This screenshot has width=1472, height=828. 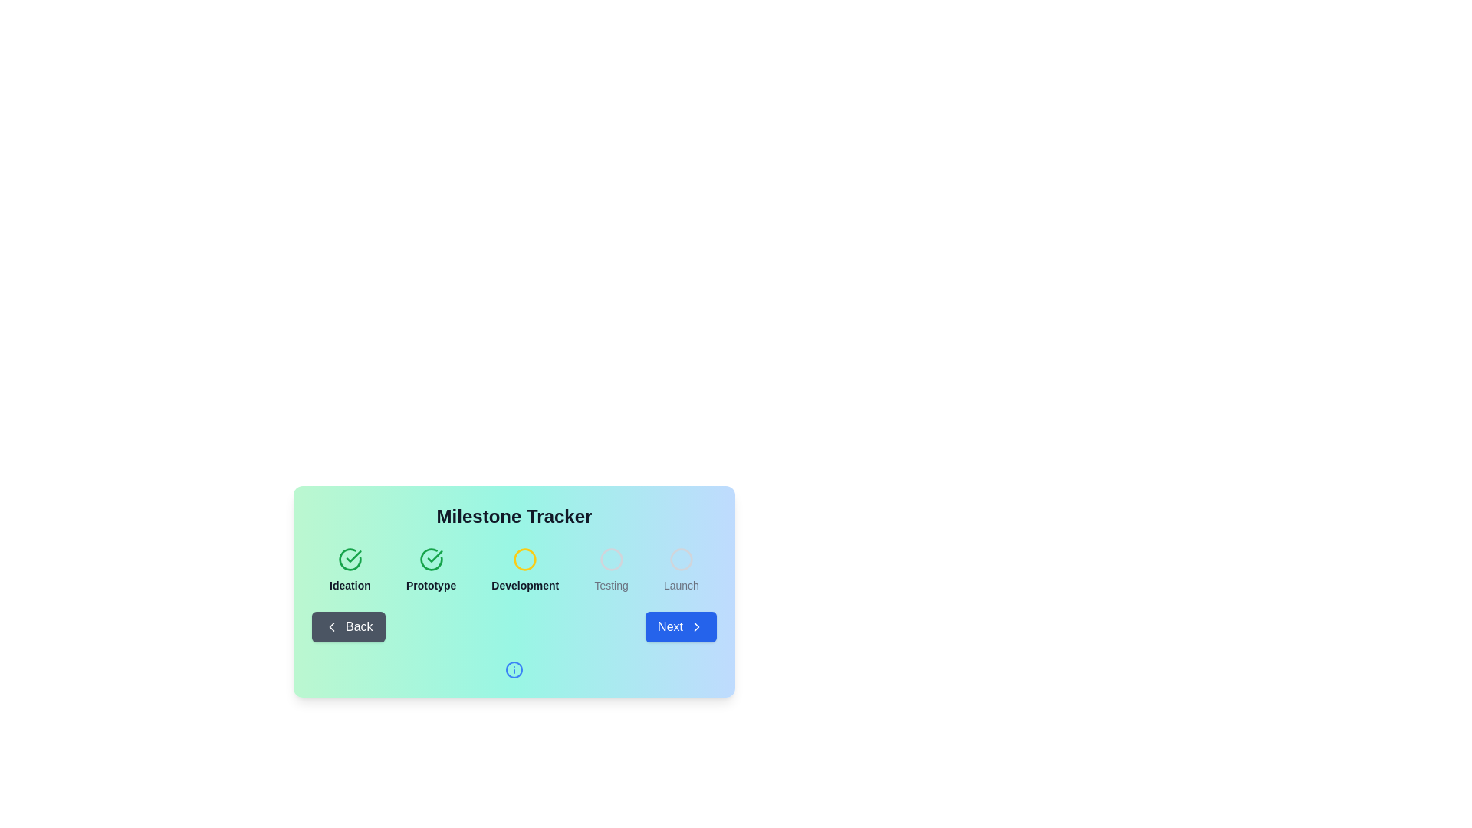 I want to click on the 'Development' milestone indicator in the workflow tracker, so click(x=525, y=570).